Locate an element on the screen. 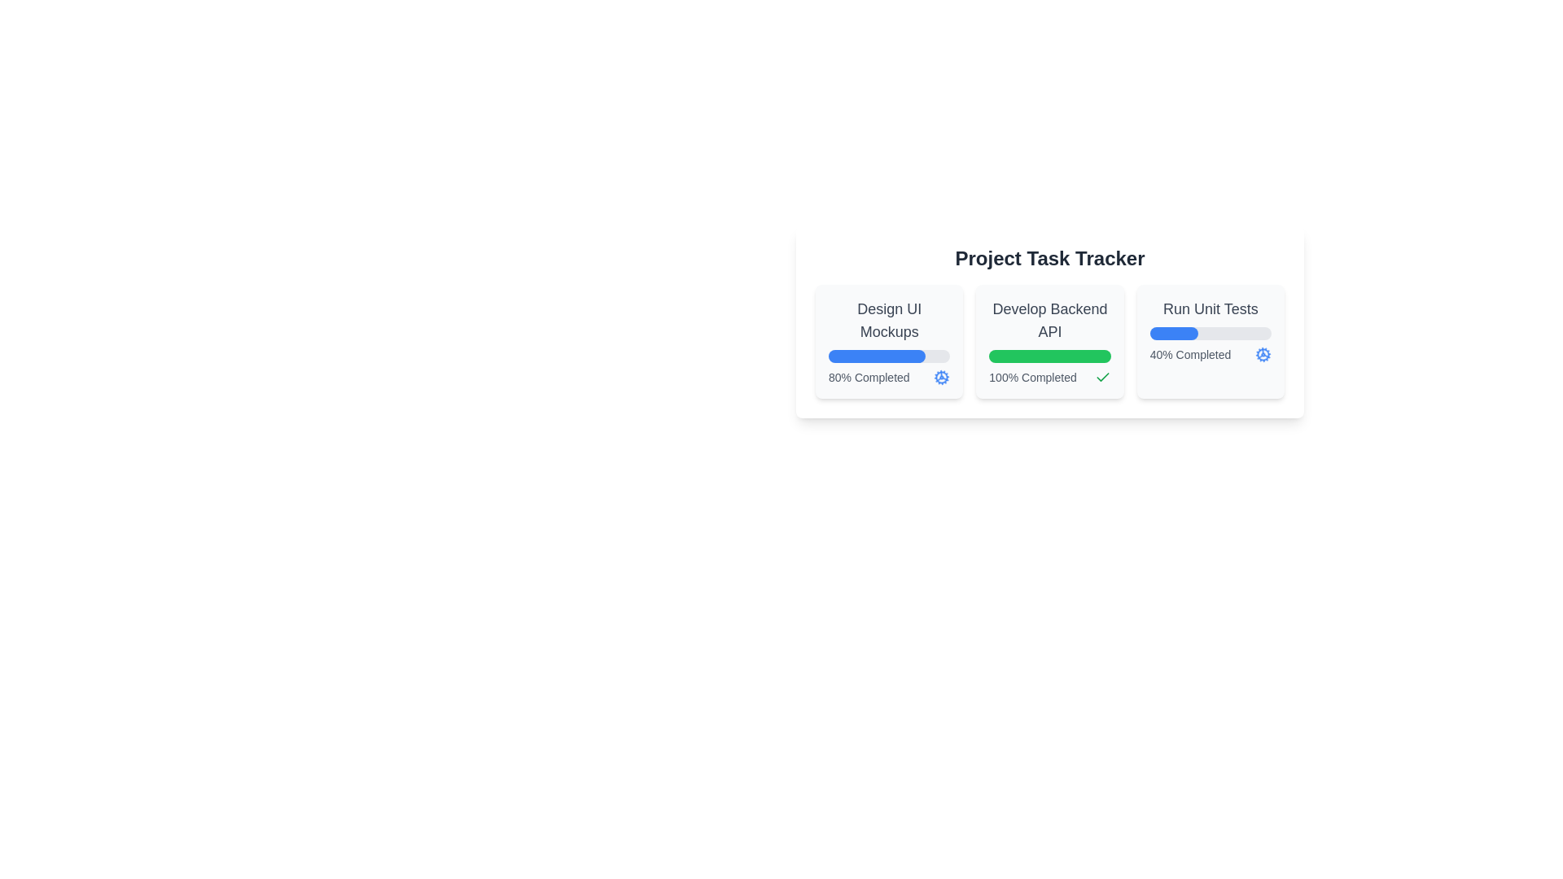 The height and width of the screenshot is (879, 1563). icon indicating successful completion located inside the 'Develop Backend API' progress item, which shows '100% Completed', and is positioned towards the right side of the green progress bar is located at coordinates (1102, 377).